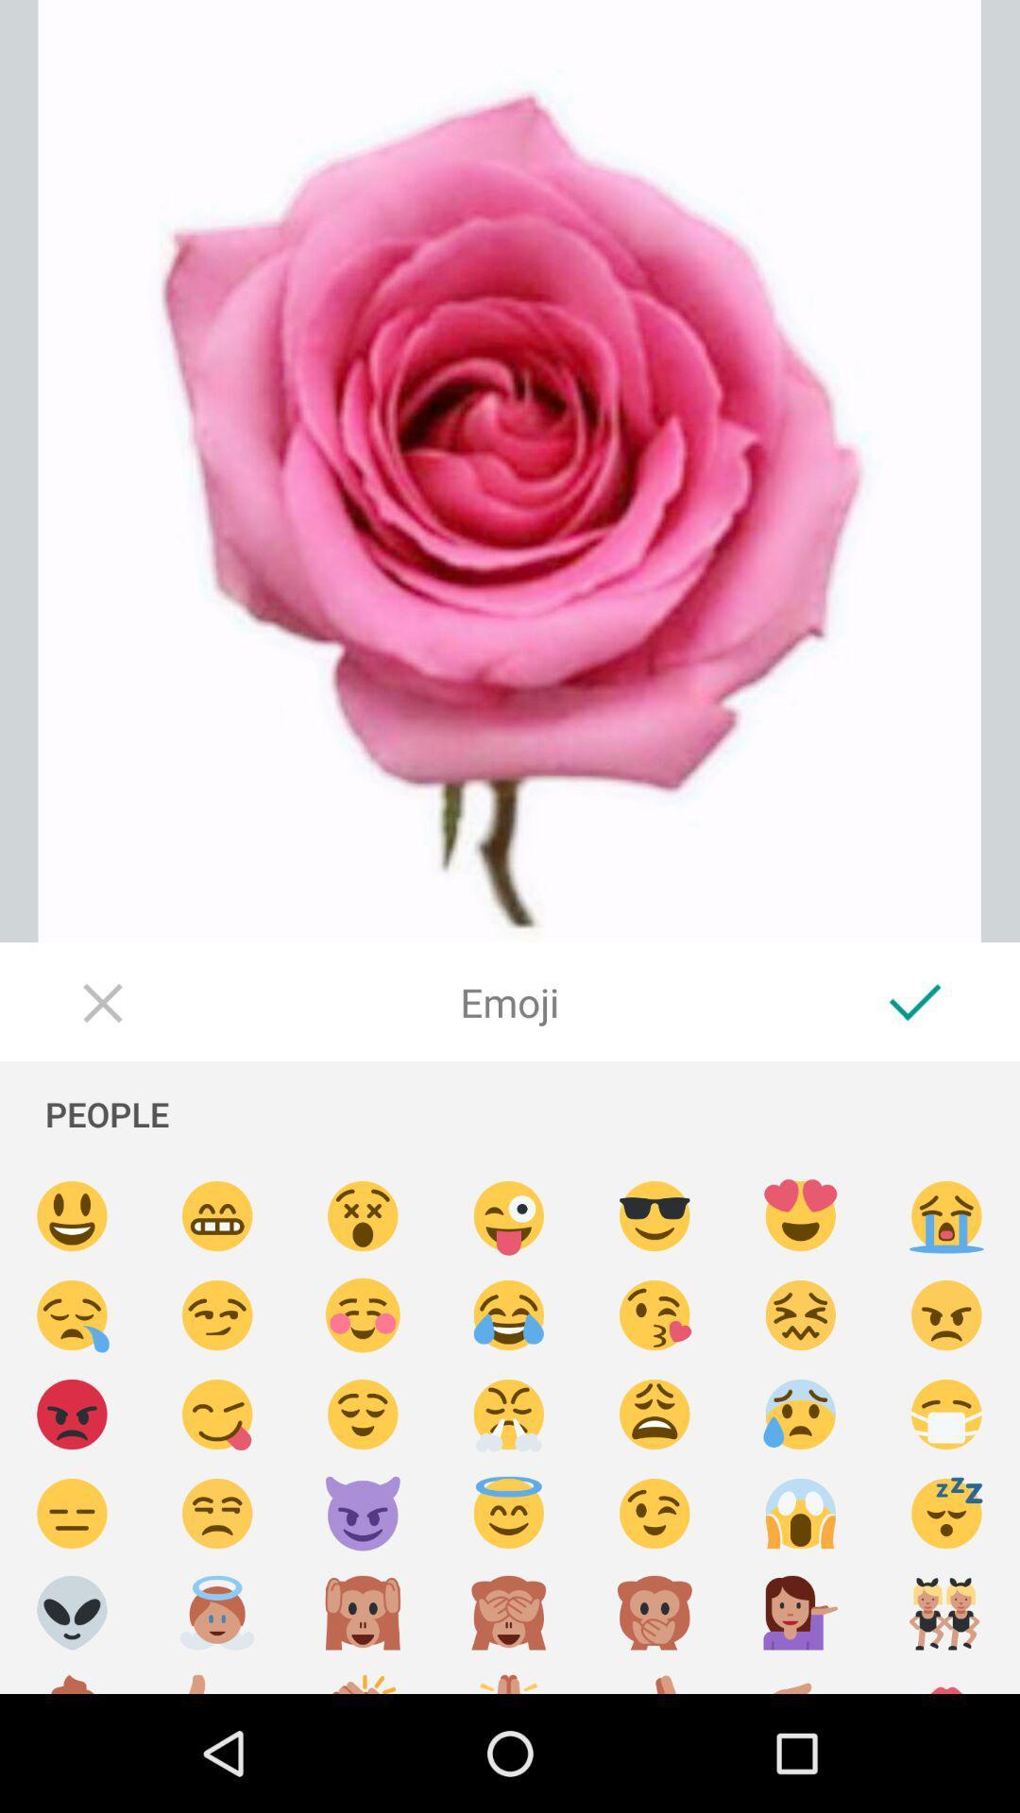 Image resolution: width=1020 pixels, height=1813 pixels. I want to click on click crying emoji, so click(946, 1216).